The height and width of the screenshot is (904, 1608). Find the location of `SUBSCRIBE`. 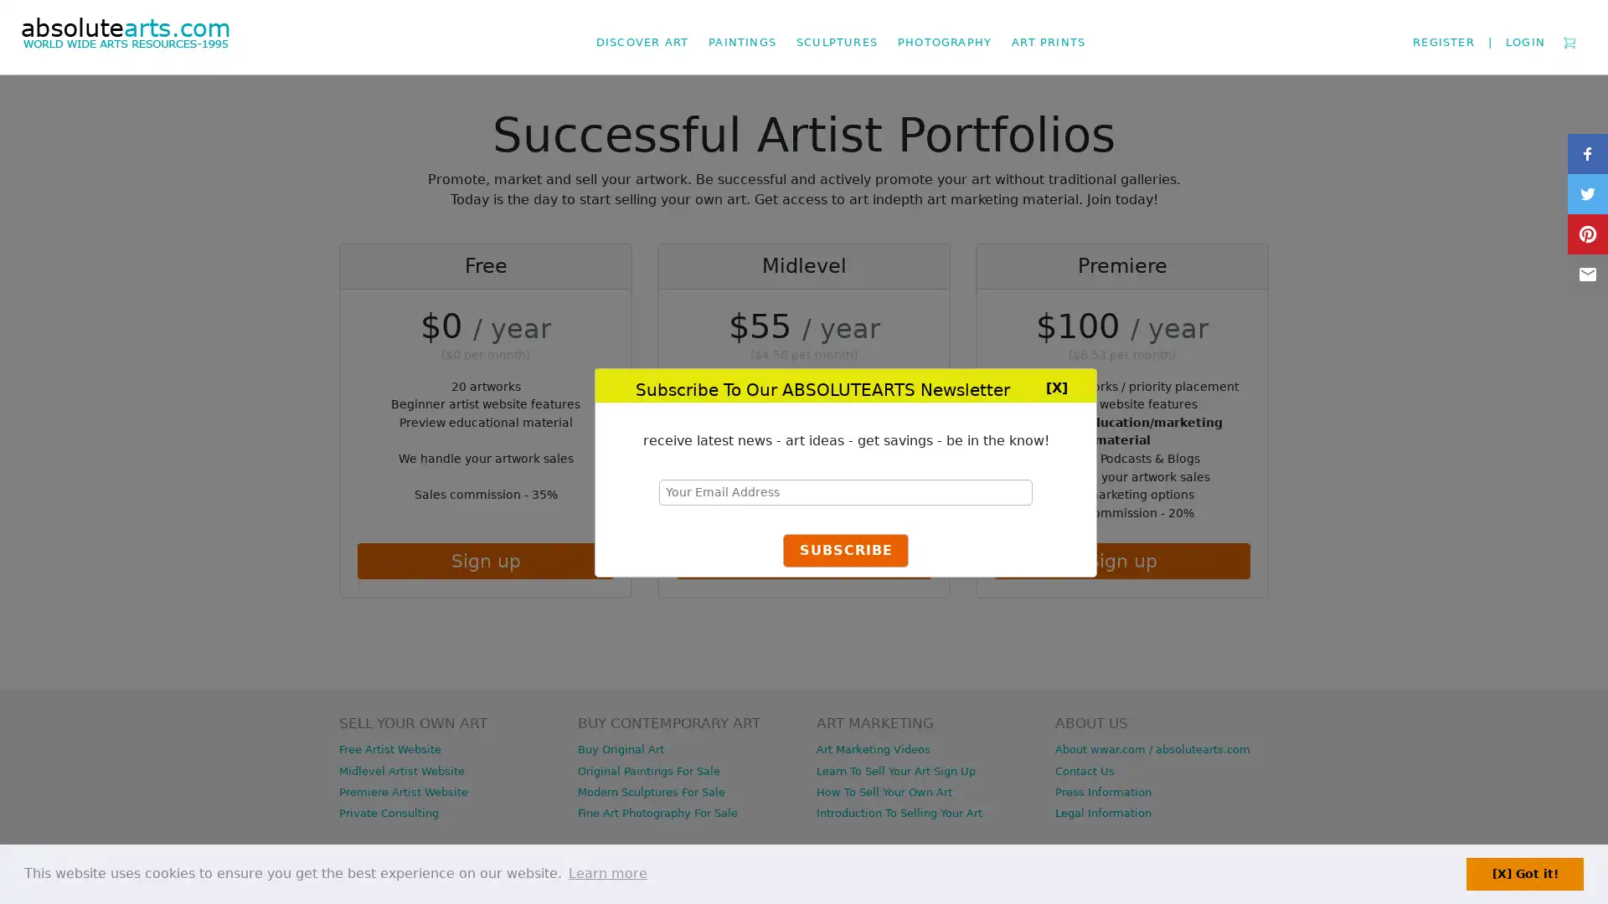

SUBSCRIBE is located at coordinates (845, 551).